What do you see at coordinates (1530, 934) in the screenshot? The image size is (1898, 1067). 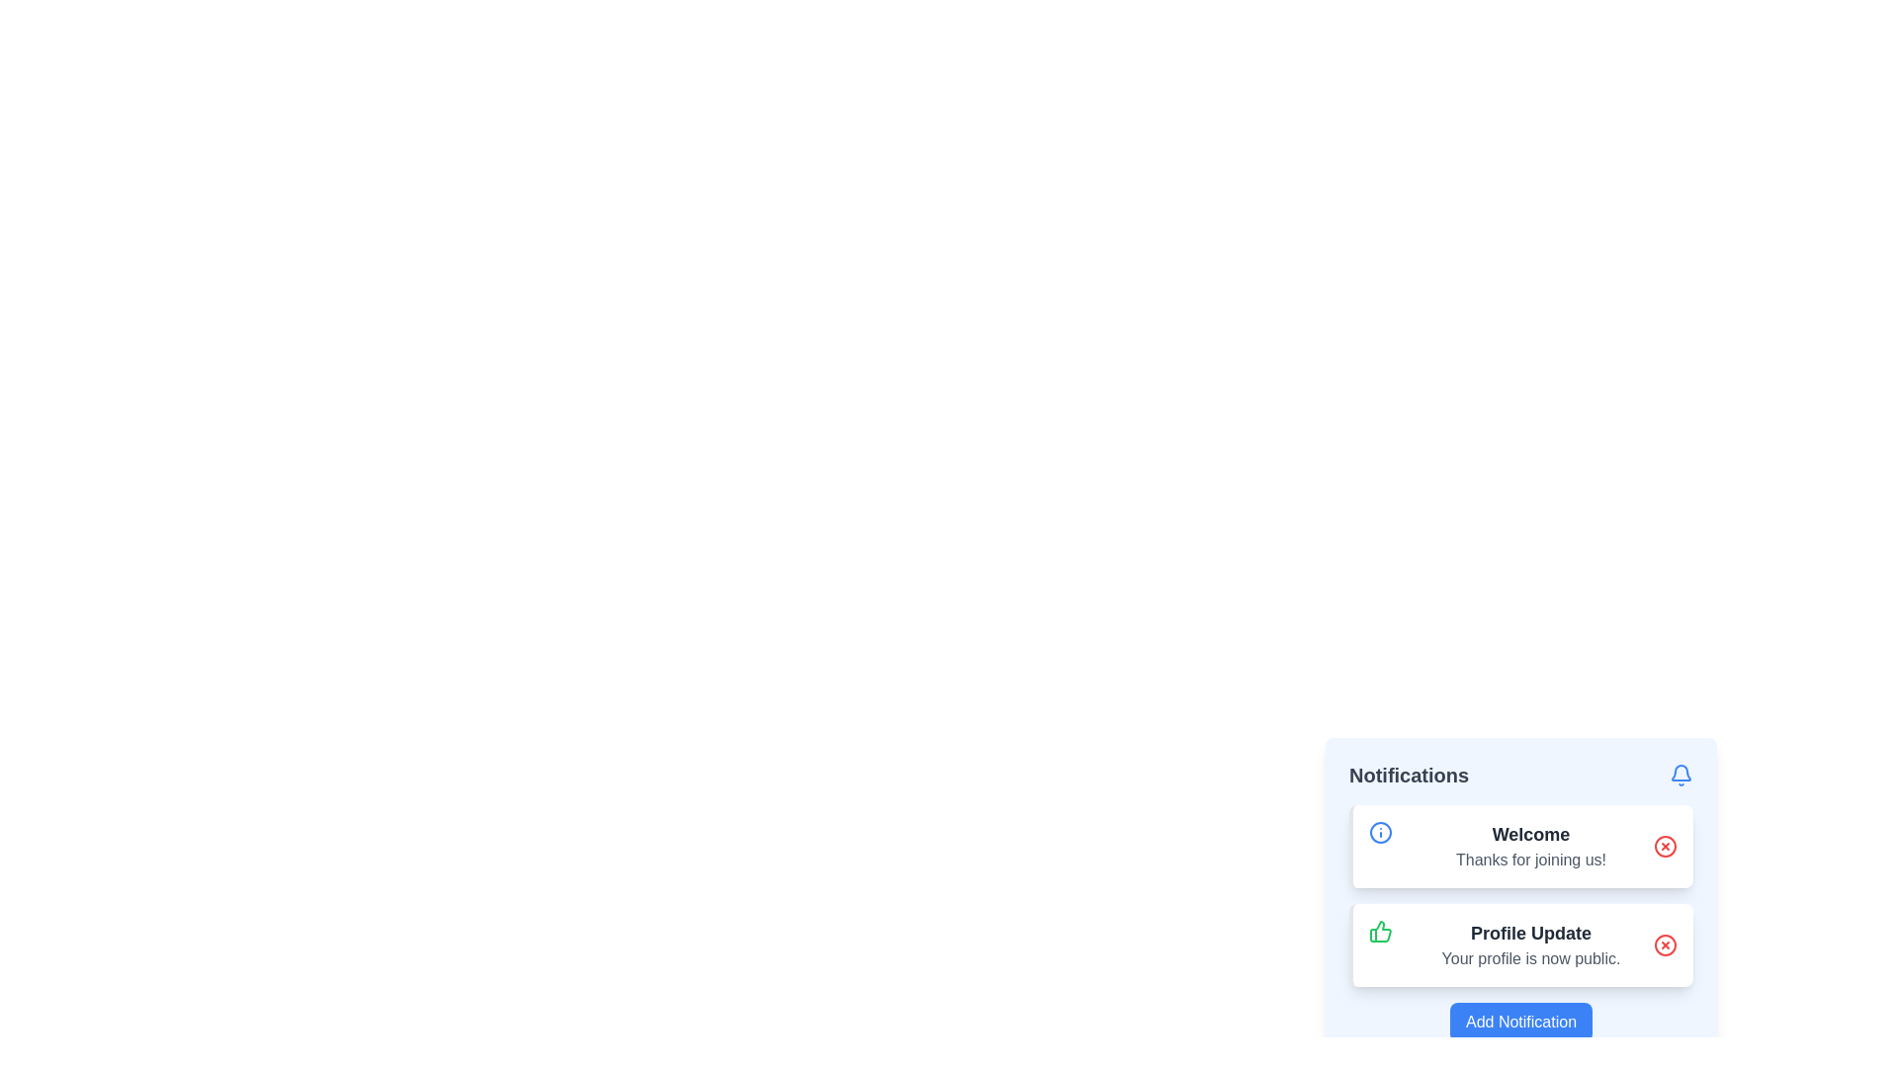 I see `the title text of the second notification block in the 'Notifications' panel, which is positioned directly above the subtext 'Your profile is now public.'` at bounding box center [1530, 934].